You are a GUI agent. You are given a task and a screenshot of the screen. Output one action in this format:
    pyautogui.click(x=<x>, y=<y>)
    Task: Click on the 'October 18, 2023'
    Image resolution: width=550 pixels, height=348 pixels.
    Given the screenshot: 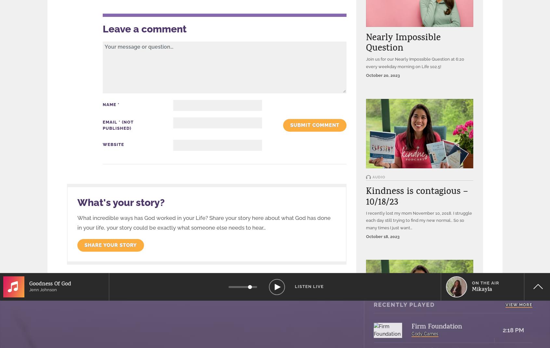 What is the action you would take?
    pyautogui.click(x=382, y=236)
    